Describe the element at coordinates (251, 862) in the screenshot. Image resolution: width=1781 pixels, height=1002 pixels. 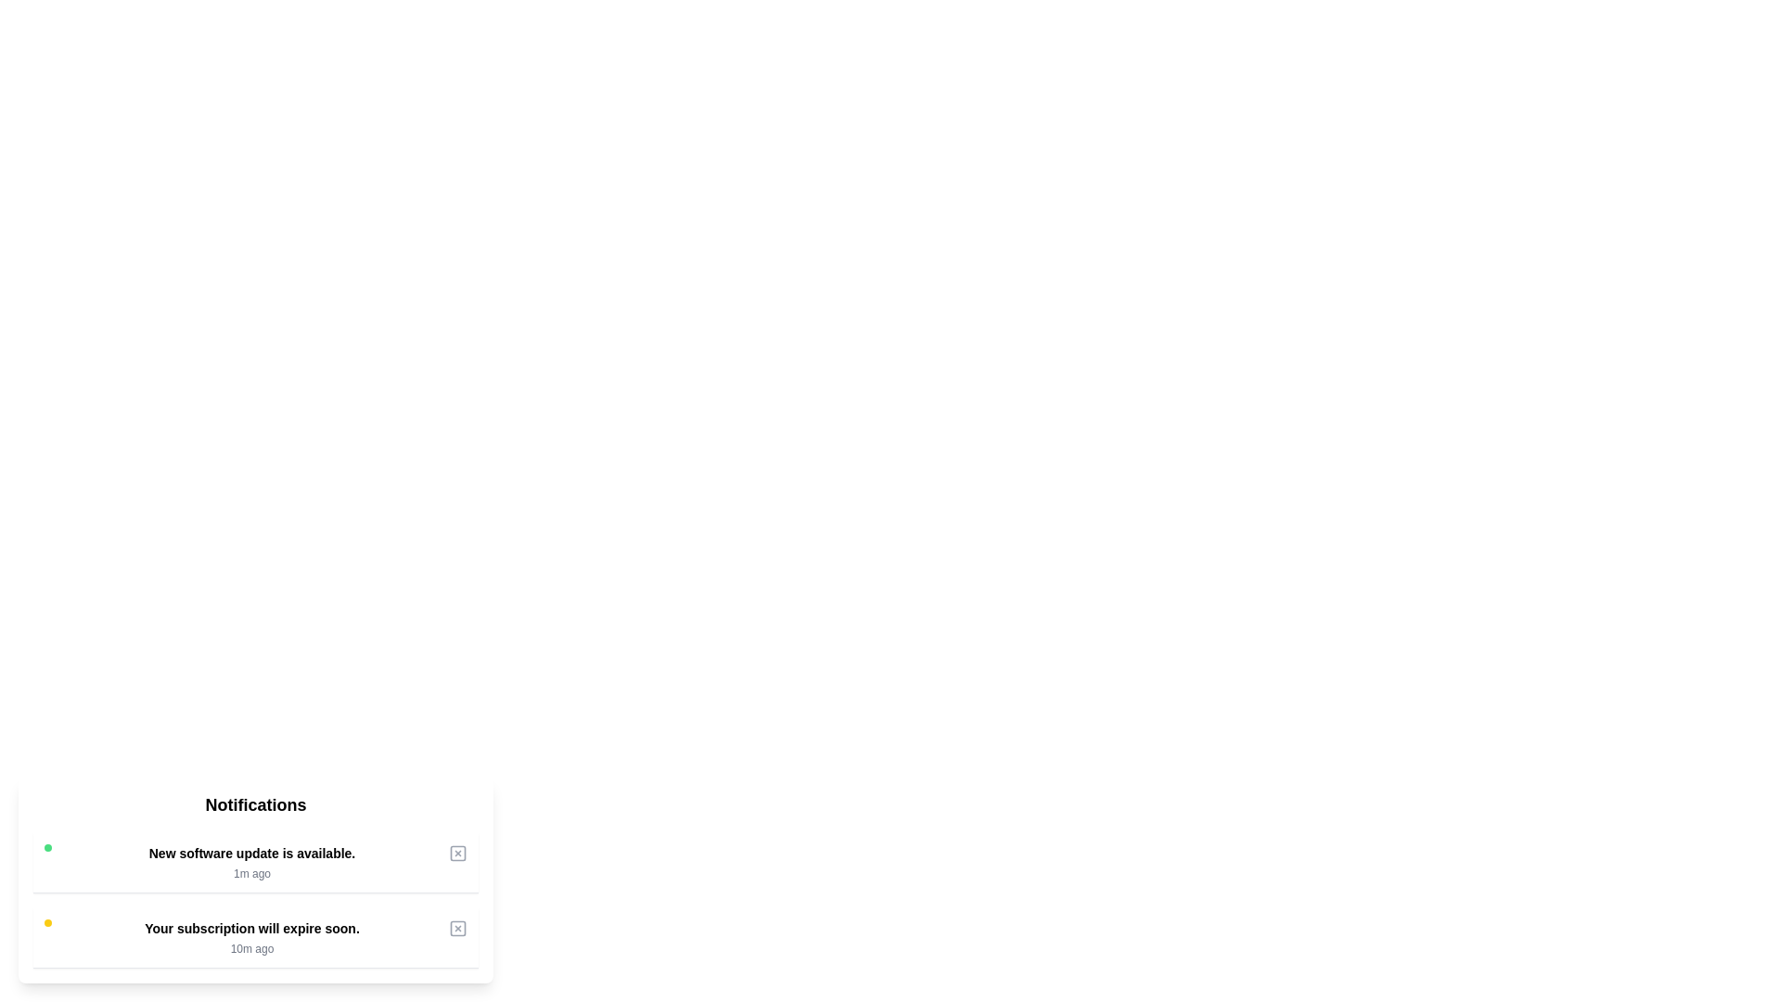
I see `notification text that states 'New software update is available.' from the notification list item, which is visually distinct with stacked text components` at that location.